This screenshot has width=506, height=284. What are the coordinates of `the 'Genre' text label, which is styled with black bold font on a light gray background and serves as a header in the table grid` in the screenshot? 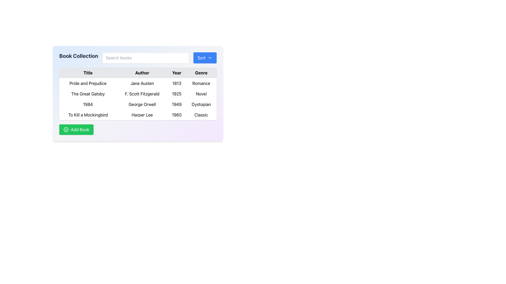 It's located at (201, 73).